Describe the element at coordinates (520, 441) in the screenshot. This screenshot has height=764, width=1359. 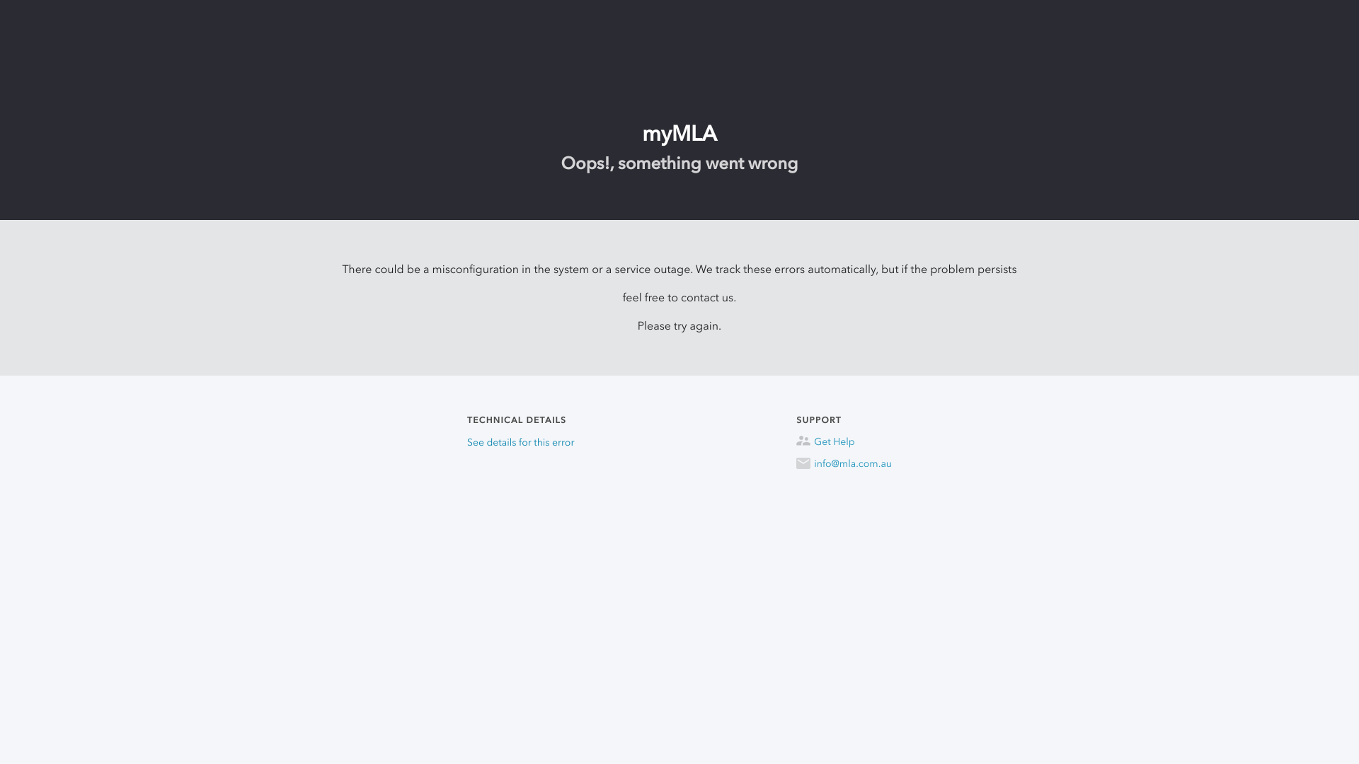
I see `'See details for this error'` at that location.